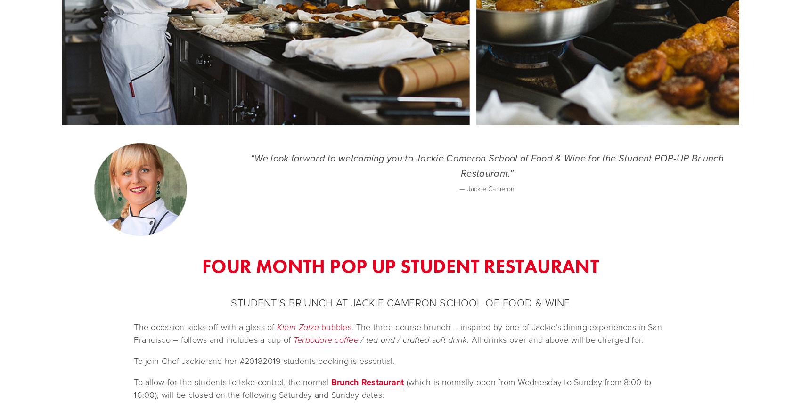  I want to click on '(which is normally open from Wednesday to Sunday from 8:00 to 16:00), will be closed on the following Saturday and Sunday dates:', so click(134, 388).